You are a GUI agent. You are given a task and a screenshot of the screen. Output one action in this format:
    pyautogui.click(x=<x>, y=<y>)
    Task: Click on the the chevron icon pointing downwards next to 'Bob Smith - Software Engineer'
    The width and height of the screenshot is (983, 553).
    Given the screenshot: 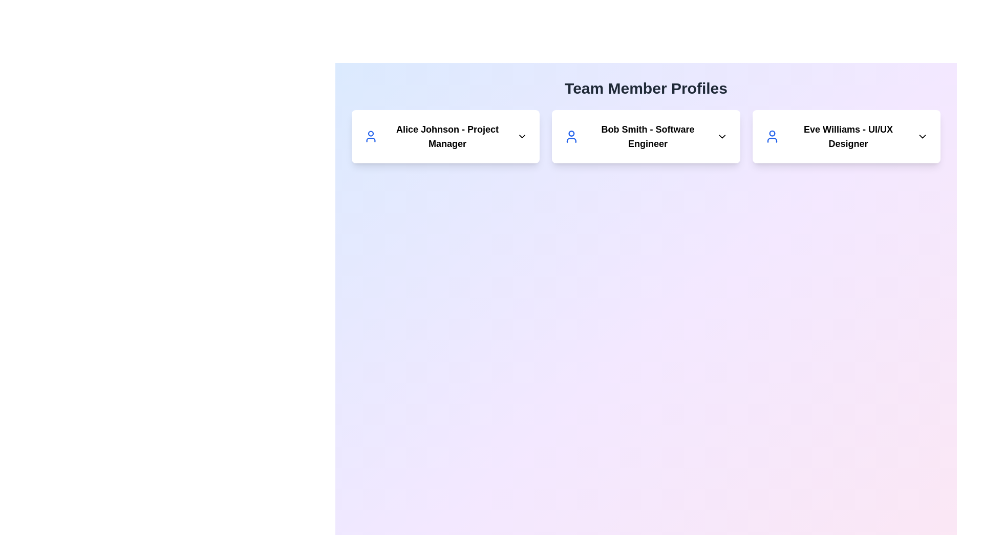 What is the action you would take?
    pyautogui.click(x=721, y=136)
    